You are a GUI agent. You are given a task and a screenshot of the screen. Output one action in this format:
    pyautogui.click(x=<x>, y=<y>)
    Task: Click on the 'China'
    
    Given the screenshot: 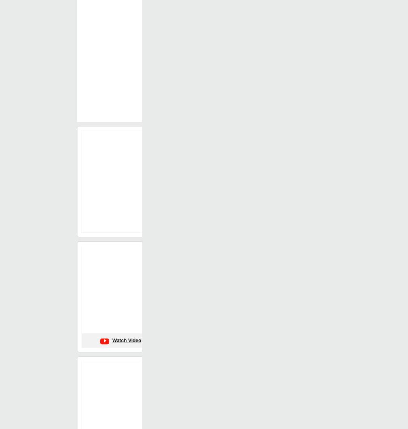 What is the action you would take?
    pyautogui.click(x=201, y=60)
    